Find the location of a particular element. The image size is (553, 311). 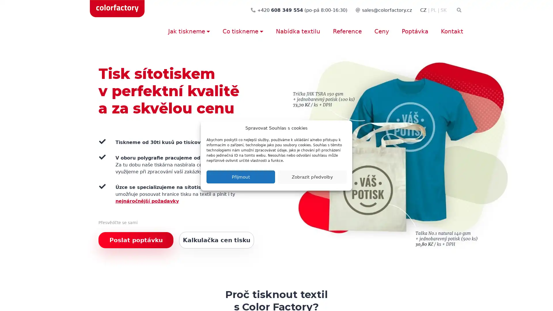

Poslat poptavku is located at coordinates (135, 240).